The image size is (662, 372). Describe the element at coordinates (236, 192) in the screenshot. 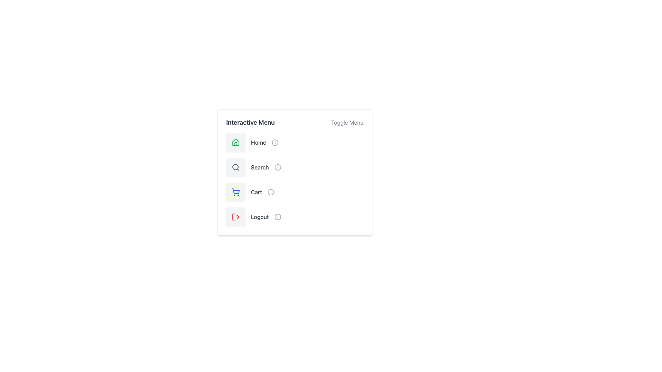

I see `the interactive menu item with a blue shopping cart icon, located in the third row of the menu, between 'Search' and 'Logout'` at that location.